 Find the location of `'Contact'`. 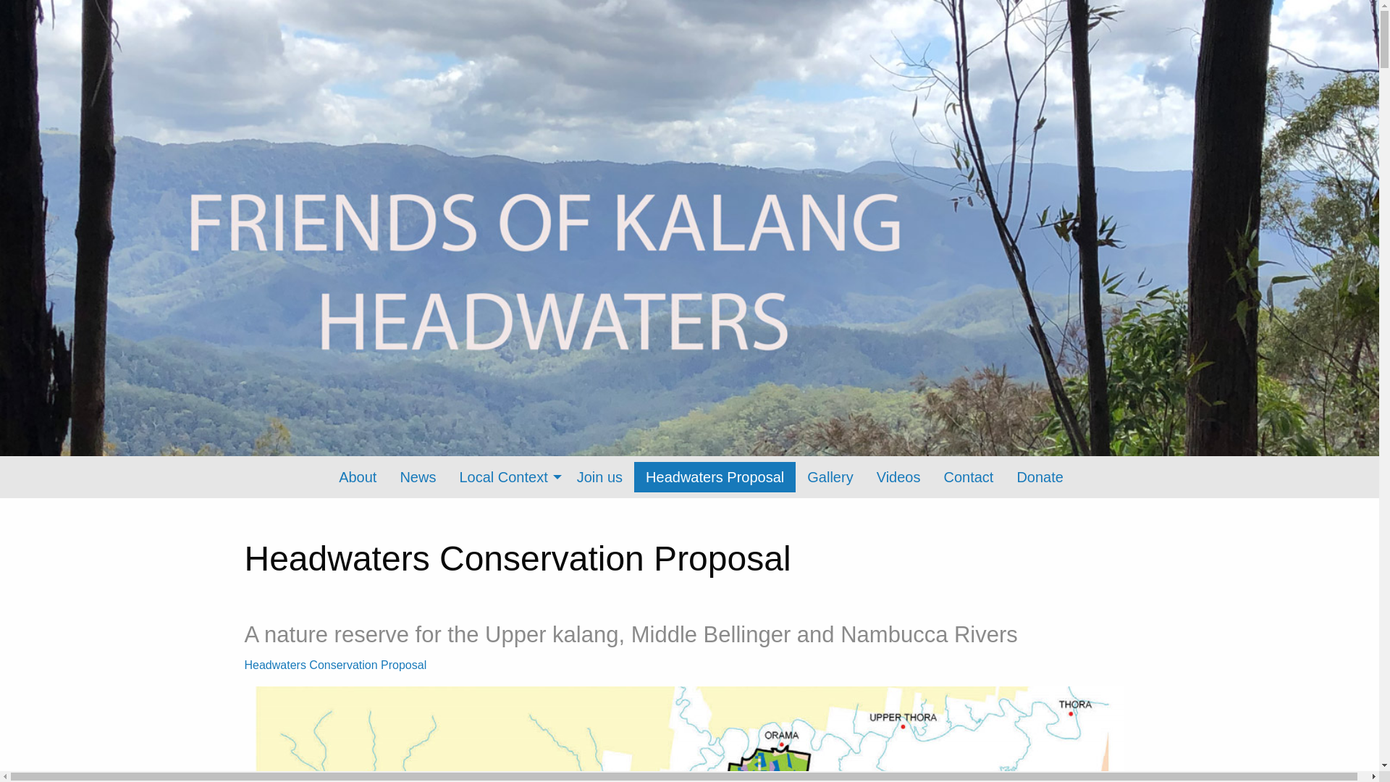

'Contact' is located at coordinates (968, 477).